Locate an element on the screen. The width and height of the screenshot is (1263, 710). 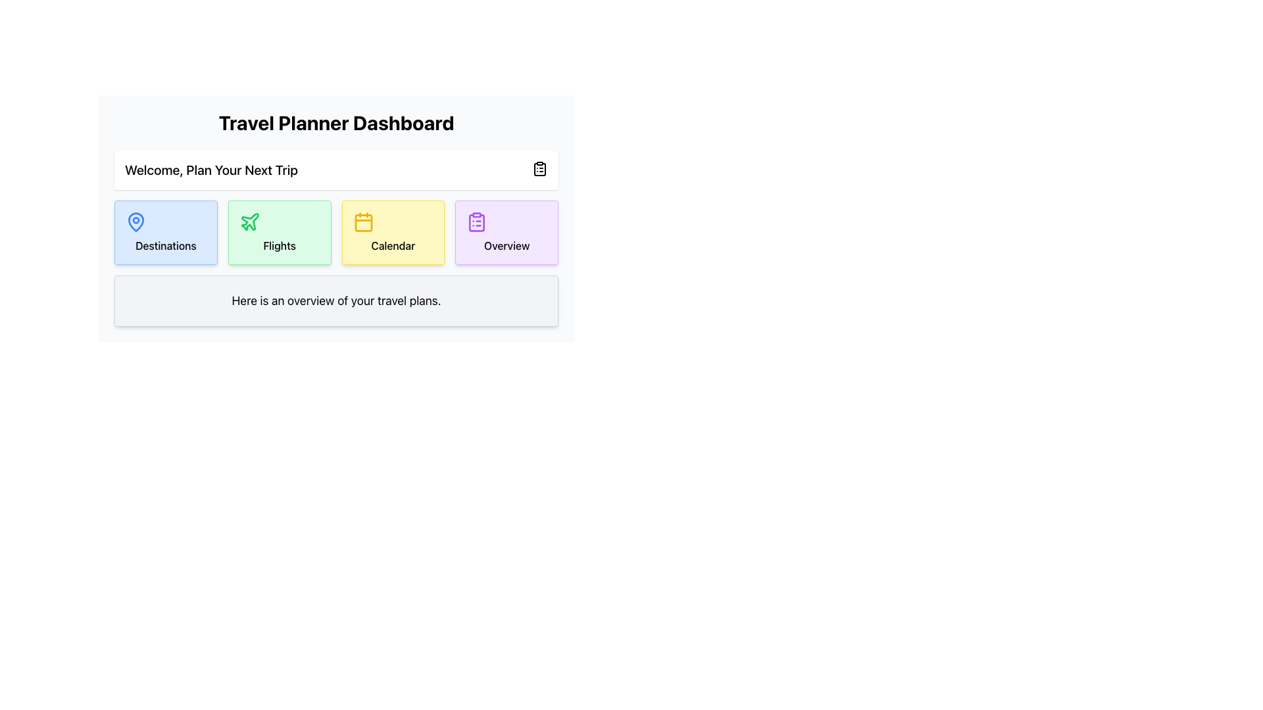
the 'Destinations' text label within the button-like card located in the top-left position of the grid layout is located at coordinates (165, 246).